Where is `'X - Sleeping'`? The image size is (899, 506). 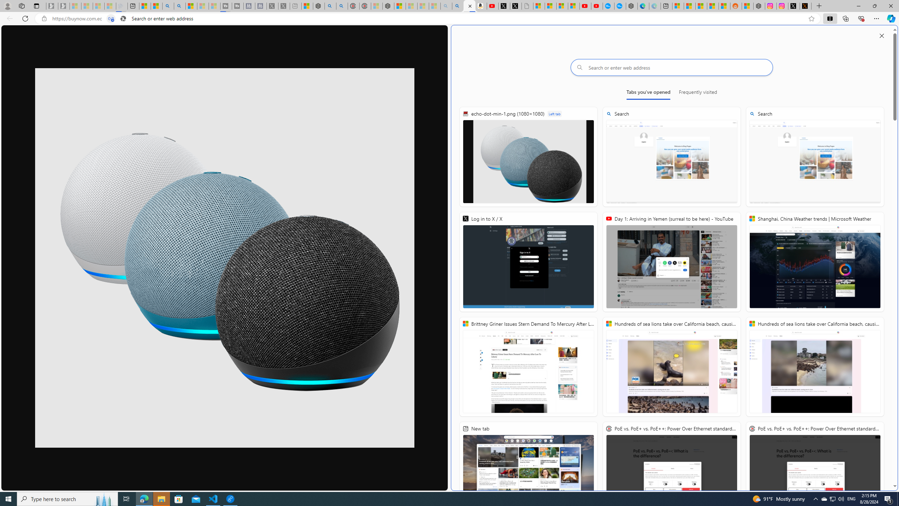
'X - Sleeping' is located at coordinates (283, 6).